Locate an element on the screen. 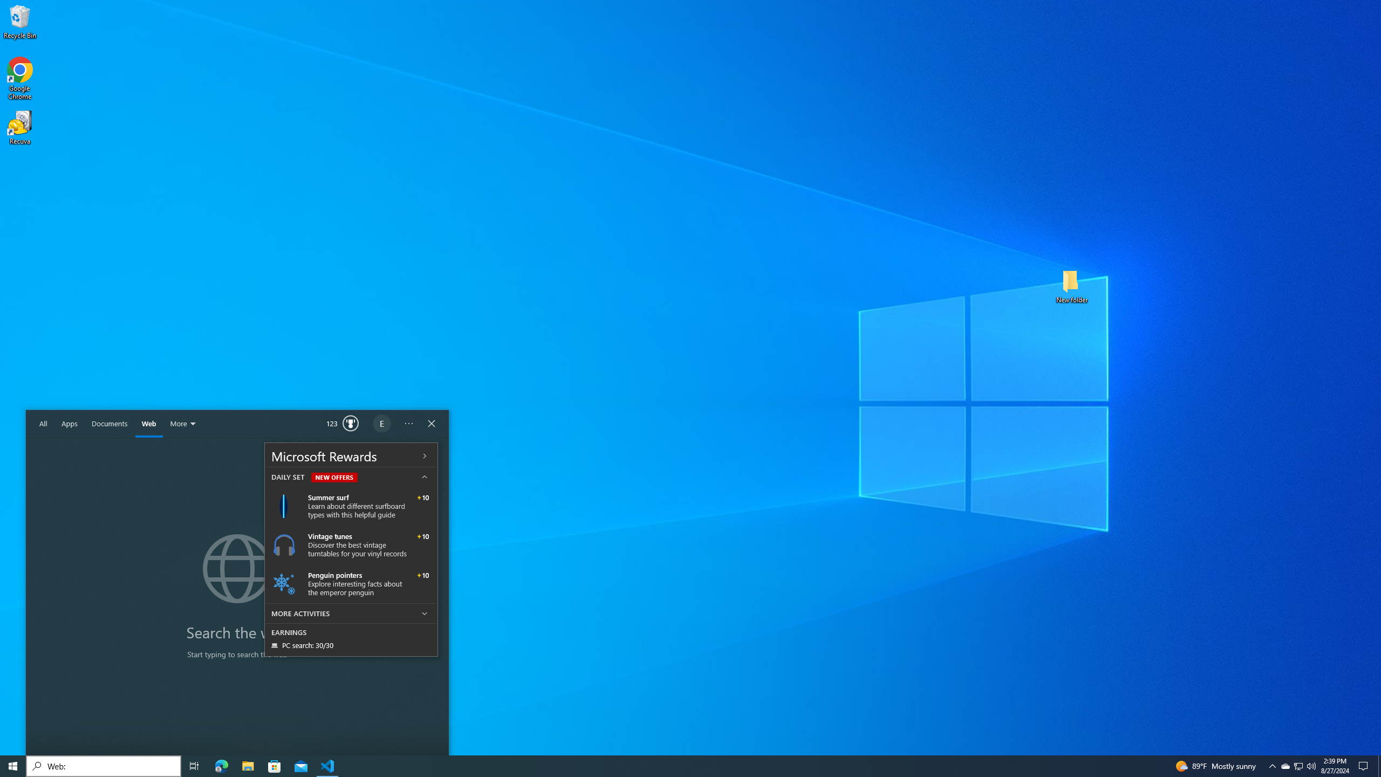  'Search box' is located at coordinates (103, 765).